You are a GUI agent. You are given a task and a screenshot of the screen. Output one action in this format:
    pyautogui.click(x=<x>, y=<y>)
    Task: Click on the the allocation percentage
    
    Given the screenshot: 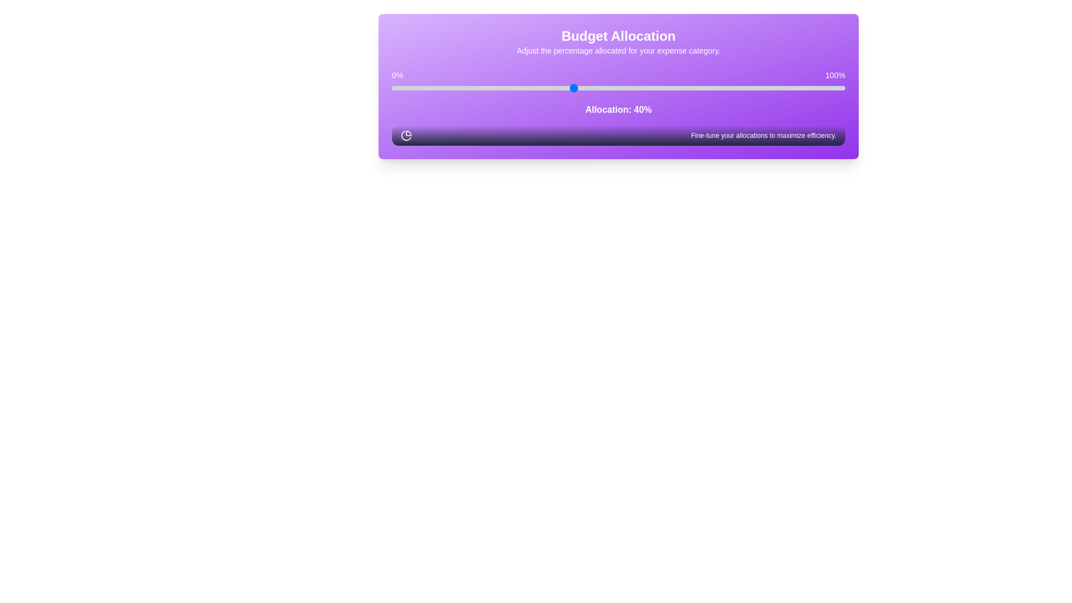 What is the action you would take?
    pyautogui.click(x=573, y=88)
    